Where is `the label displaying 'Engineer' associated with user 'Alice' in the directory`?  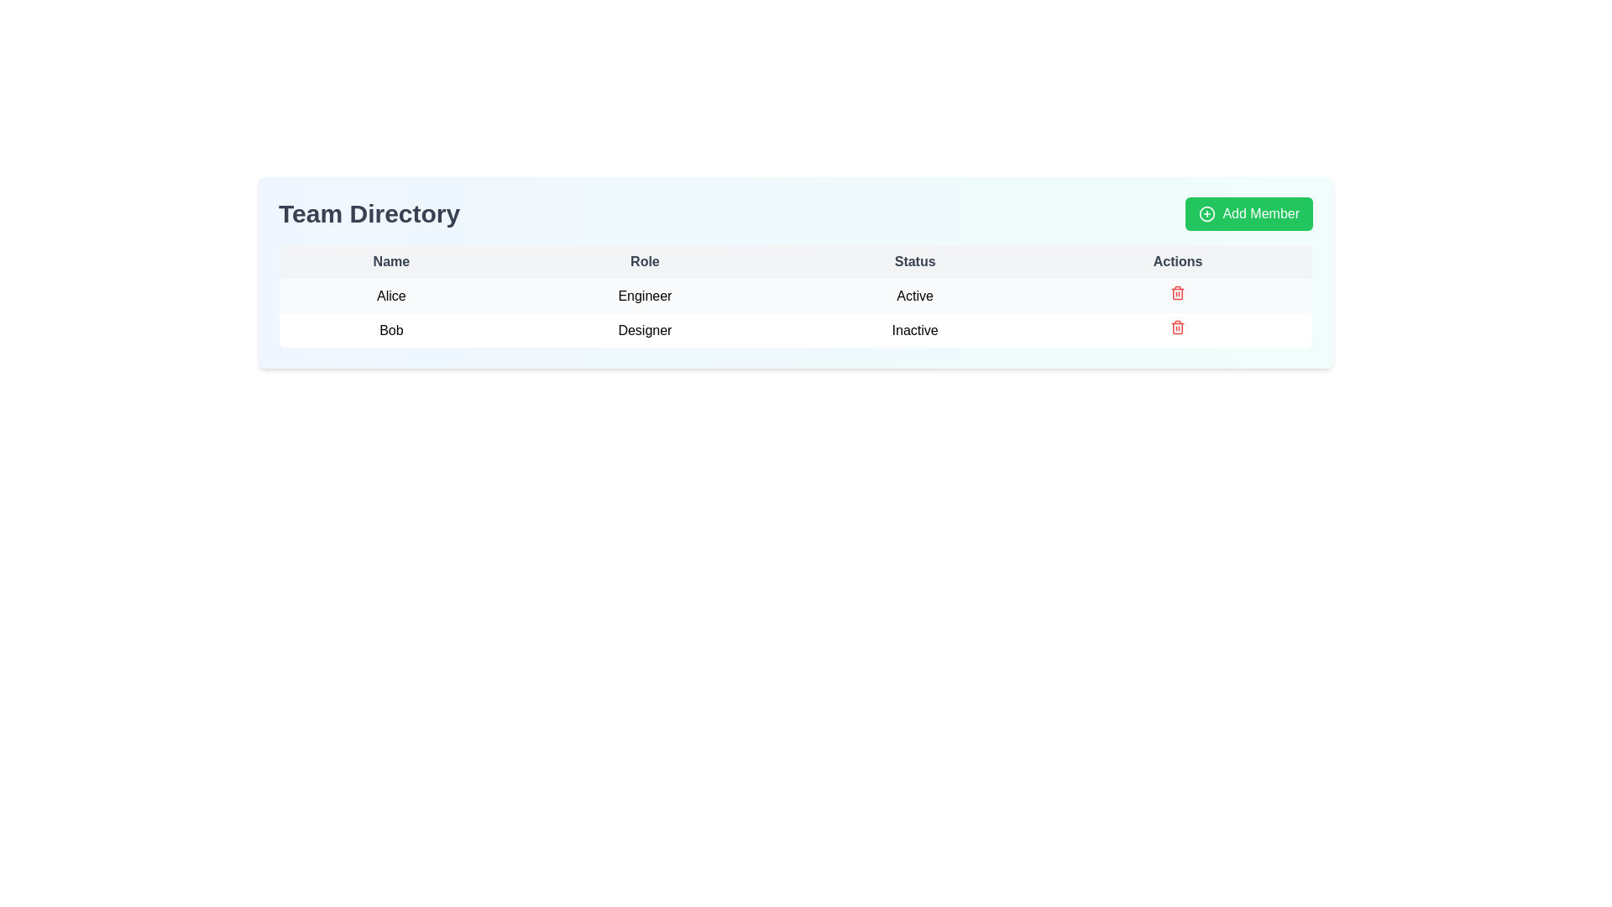 the label displaying 'Engineer' associated with user 'Alice' in the directory is located at coordinates (644, 295).